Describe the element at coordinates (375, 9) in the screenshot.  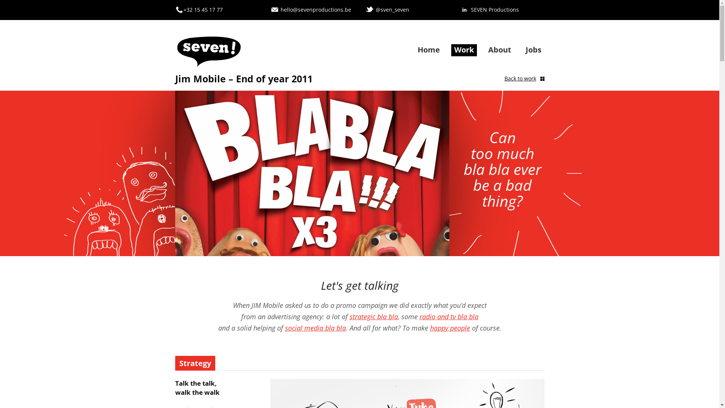
I see `'@sven_seven'` at that location.